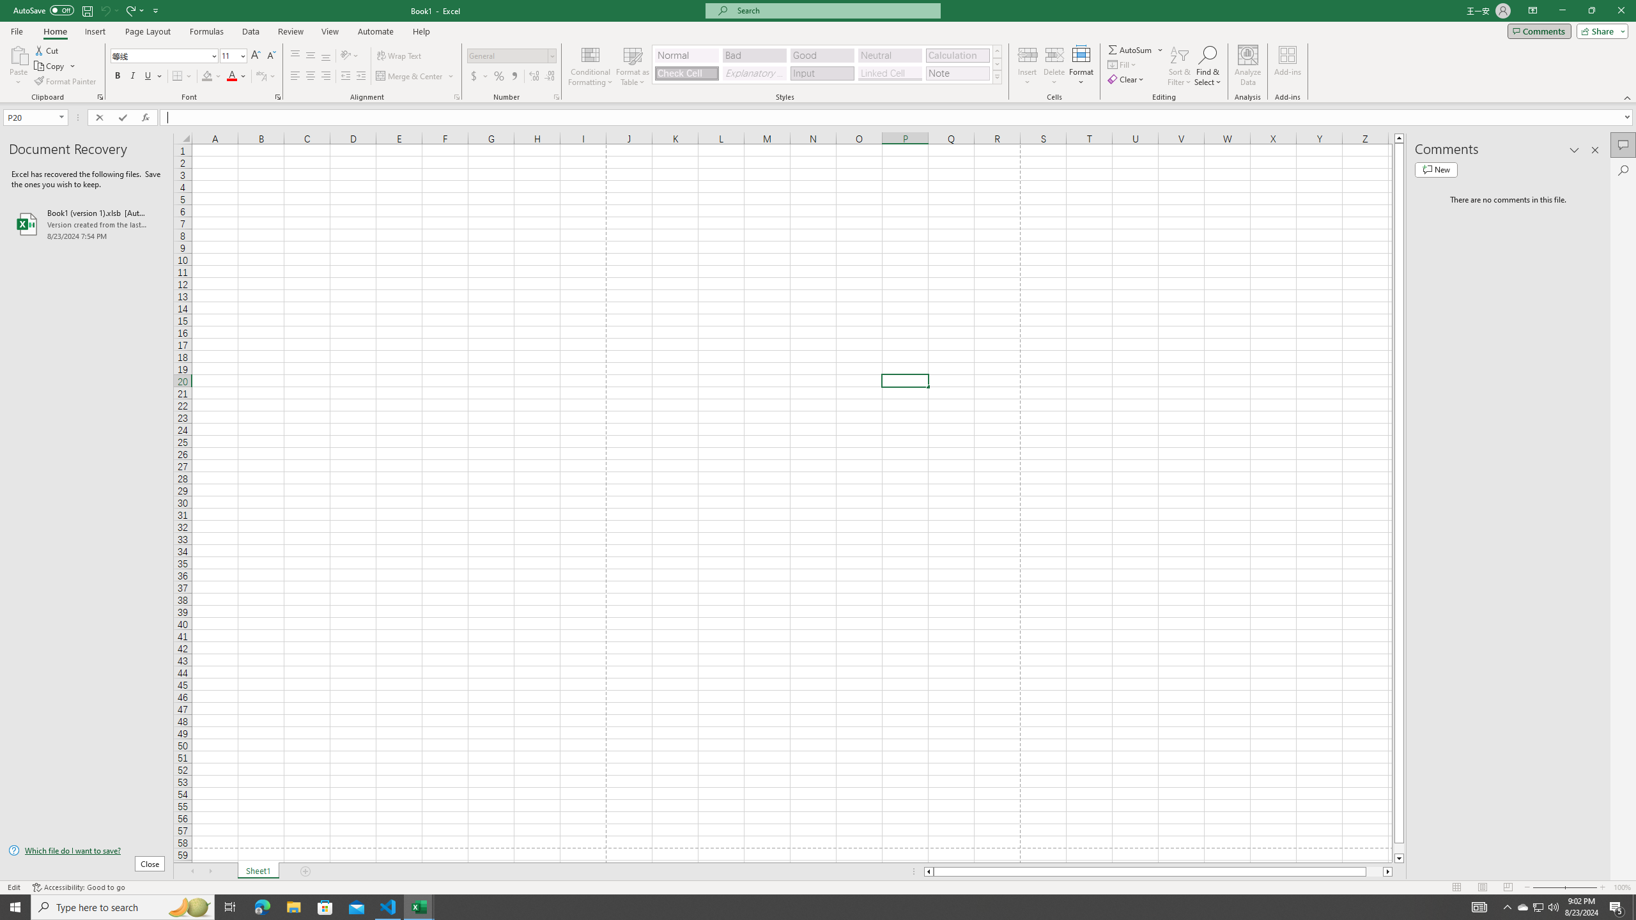  What do you see at coordinates (86, 223) in the screenshot?
I see `'Book1 (version 1).xlsb  [AutoRecovered]'` at bounding box center [86, 223].